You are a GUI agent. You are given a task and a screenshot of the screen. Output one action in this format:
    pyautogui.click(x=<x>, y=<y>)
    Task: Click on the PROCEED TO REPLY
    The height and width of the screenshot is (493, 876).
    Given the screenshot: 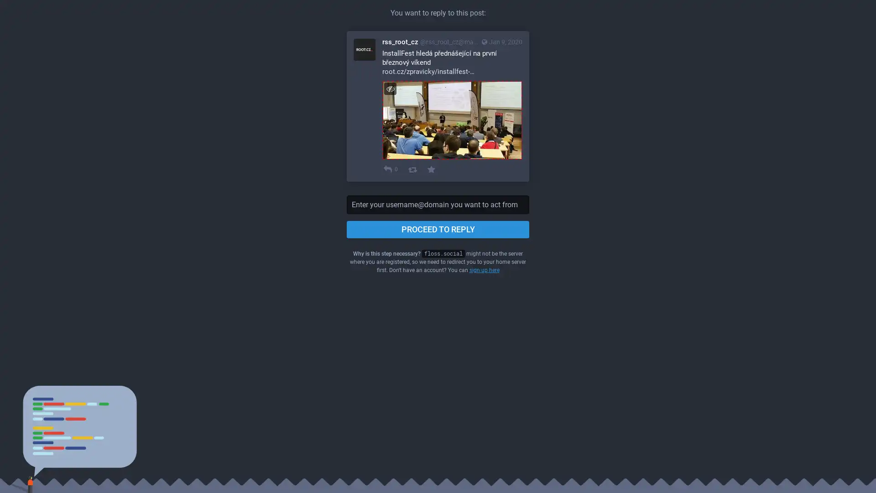 What is the action you would take?
    pyautogui.click(x=438, y=228)
    